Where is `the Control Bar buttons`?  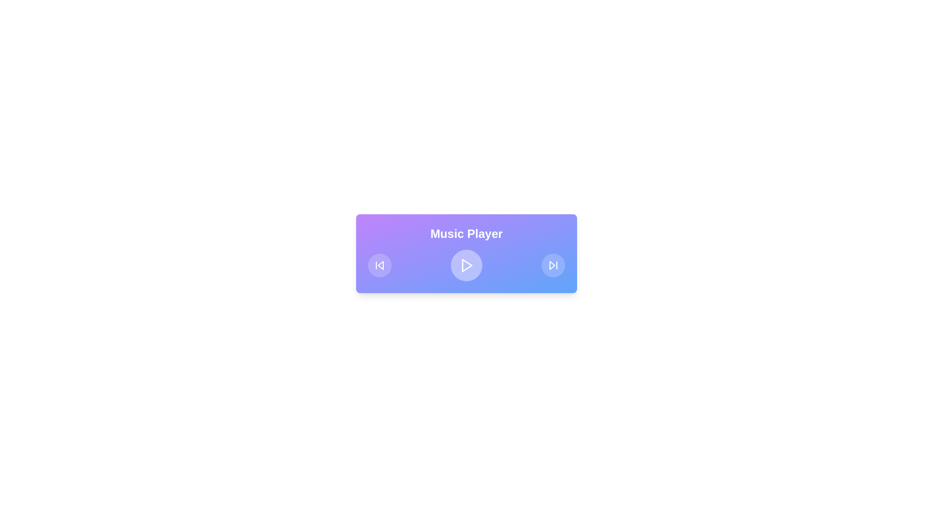 the Control Bar buttons is located at coordinates (466, 265).